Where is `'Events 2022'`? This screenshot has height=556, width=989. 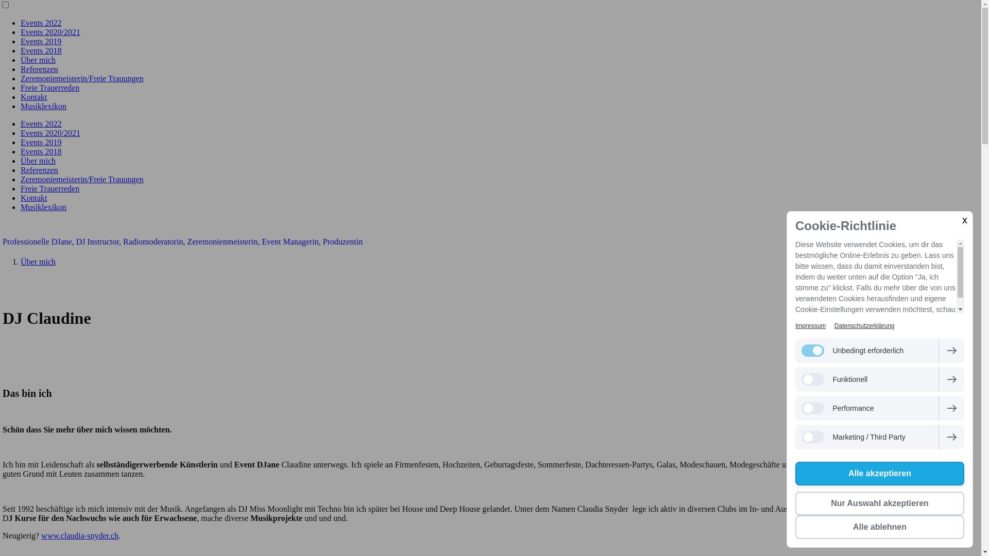 'Events 2022' is located at coordinates (41, 123).